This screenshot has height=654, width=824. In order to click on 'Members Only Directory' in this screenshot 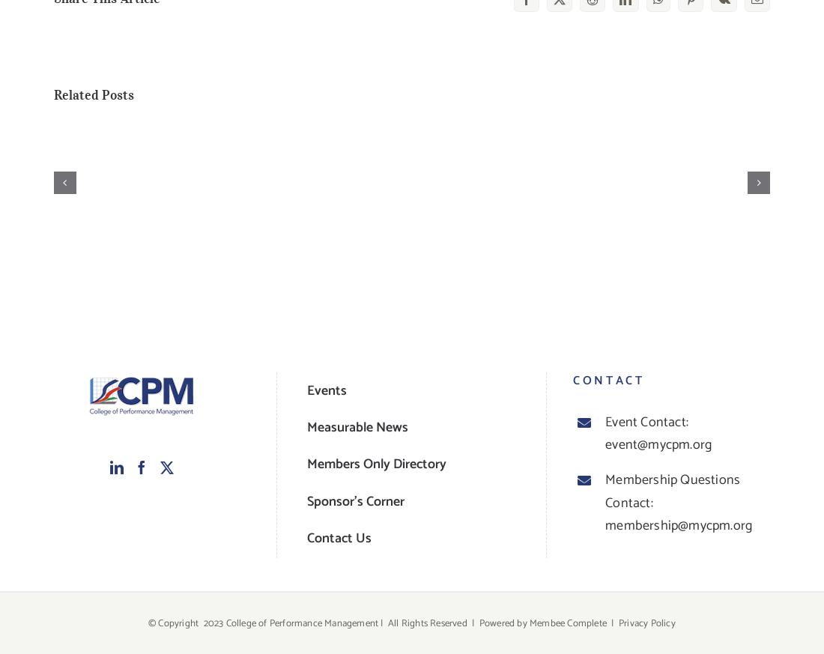, I will do `click(377, 464)`.